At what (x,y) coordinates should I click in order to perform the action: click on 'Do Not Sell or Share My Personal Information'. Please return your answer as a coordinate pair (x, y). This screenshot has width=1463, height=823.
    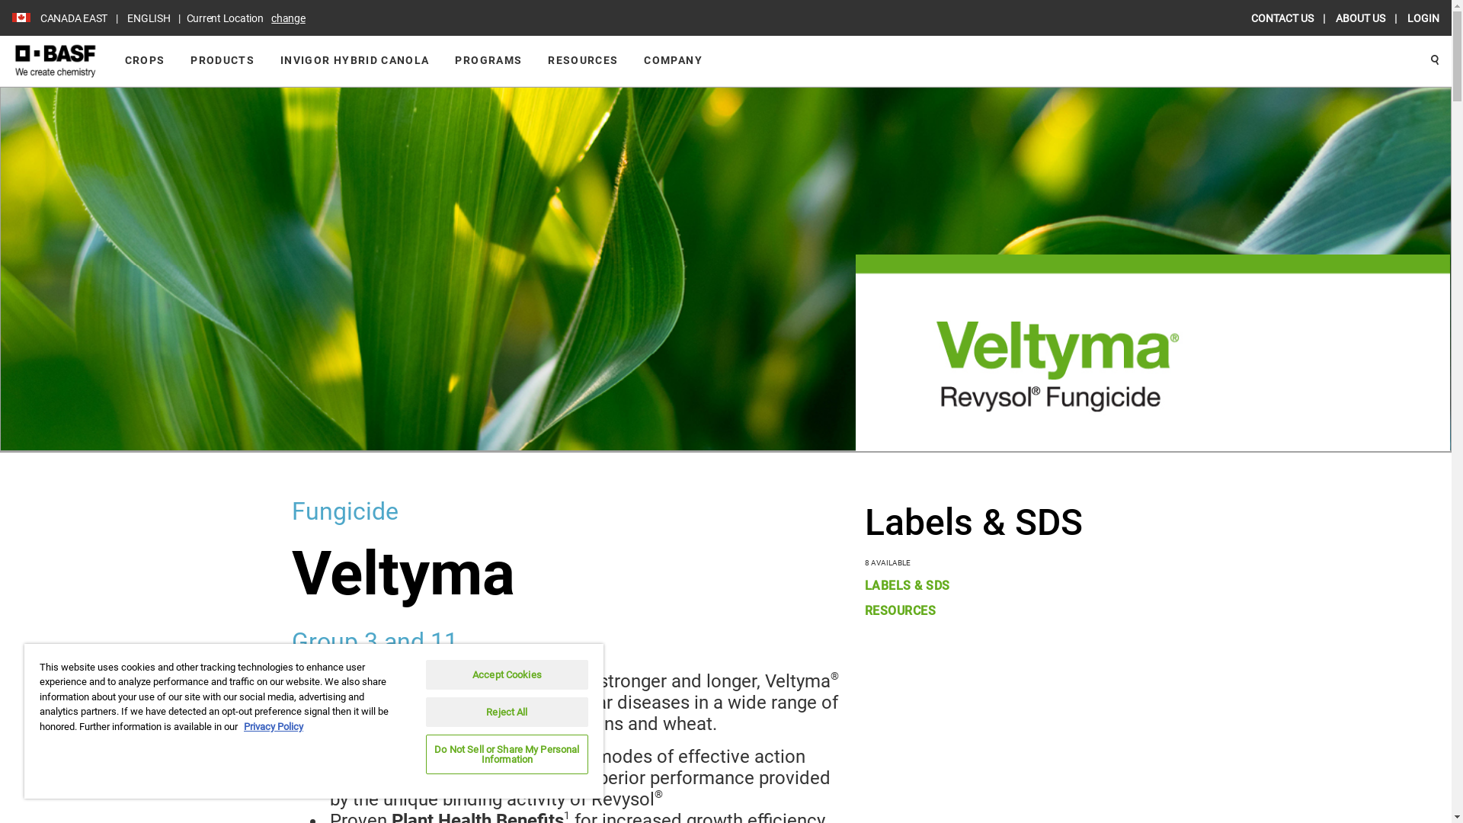
    Looking at the image, I should click on (507, 754).